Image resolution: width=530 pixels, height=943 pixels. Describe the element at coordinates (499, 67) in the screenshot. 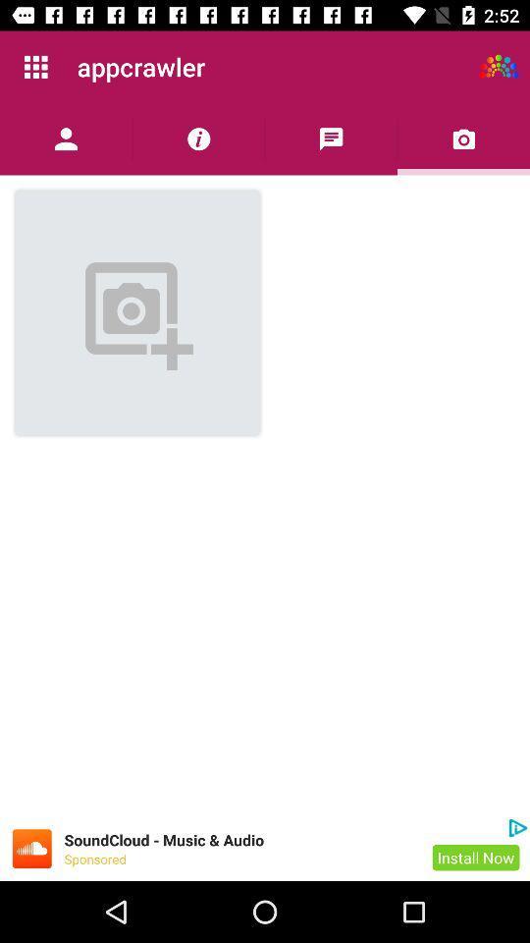

I see `activate` at that location.